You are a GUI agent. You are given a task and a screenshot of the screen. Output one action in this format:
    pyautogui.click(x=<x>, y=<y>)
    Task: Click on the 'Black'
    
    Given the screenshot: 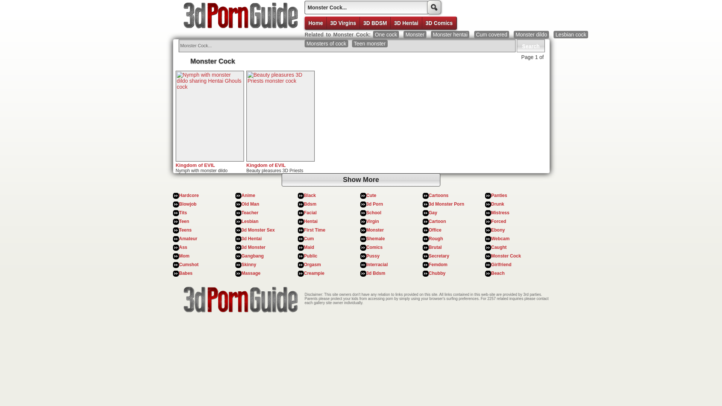 What is the action you would take?
    pyautogui.click(x=310, y=195)
    